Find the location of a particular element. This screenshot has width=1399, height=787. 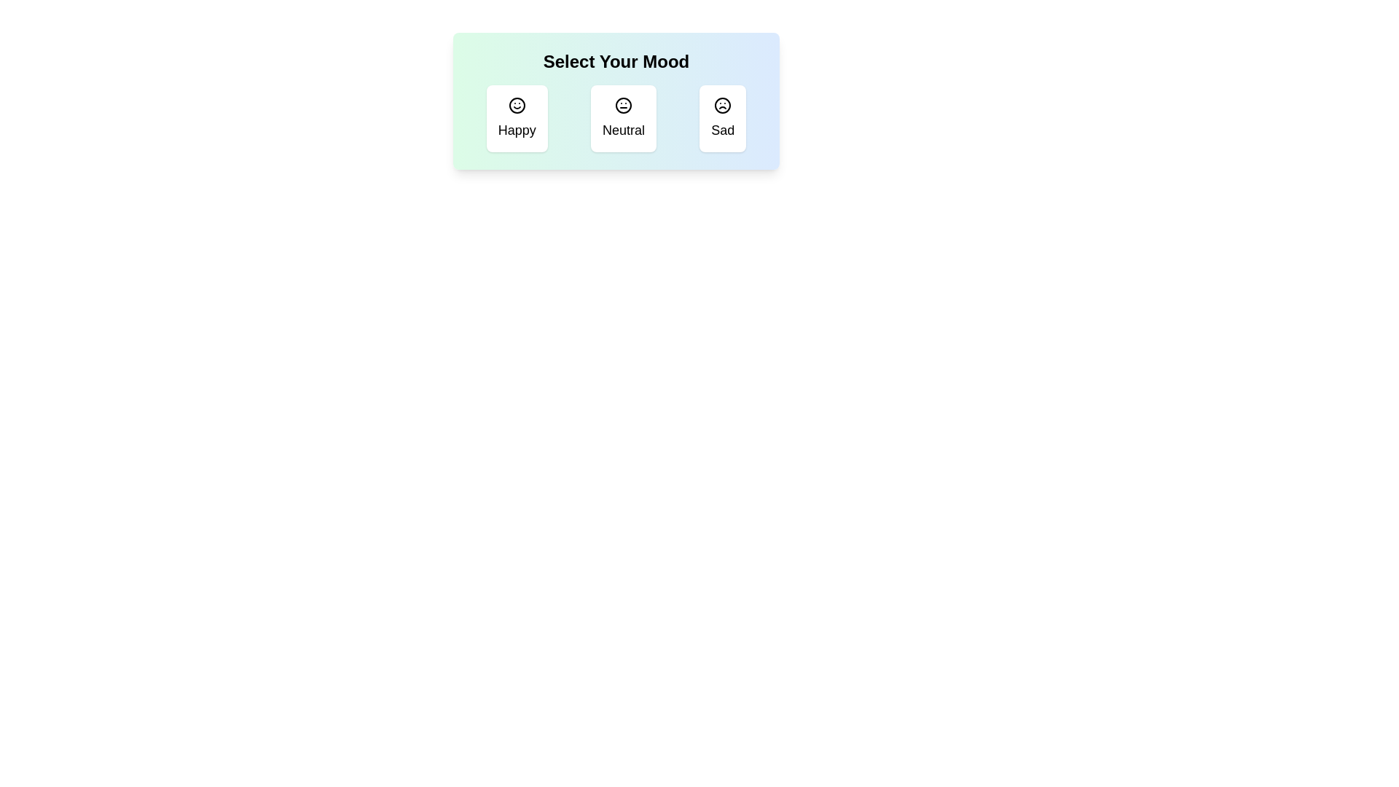

the mood icon corresponding to Happy to toggle its selection is located at coordinates (517, 117).